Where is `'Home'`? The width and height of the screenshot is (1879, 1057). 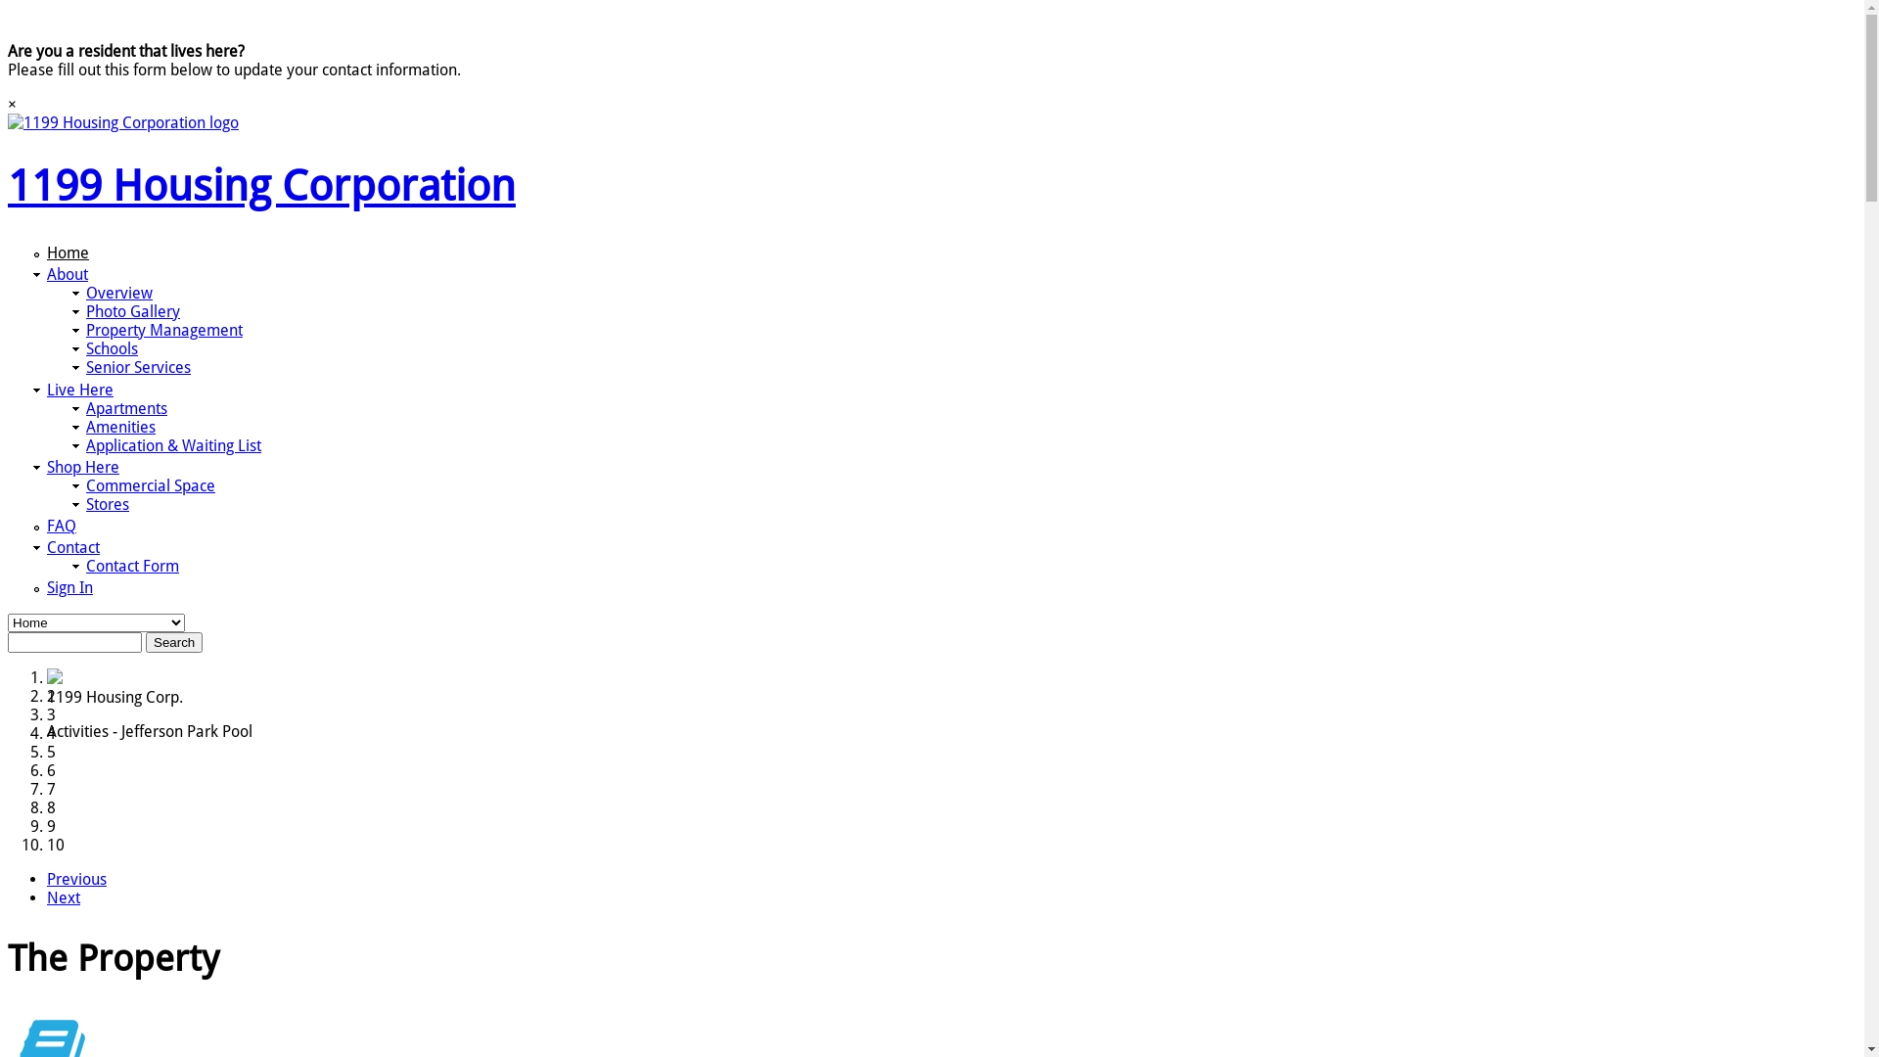
'Home' is located at coordinates (68, 252).